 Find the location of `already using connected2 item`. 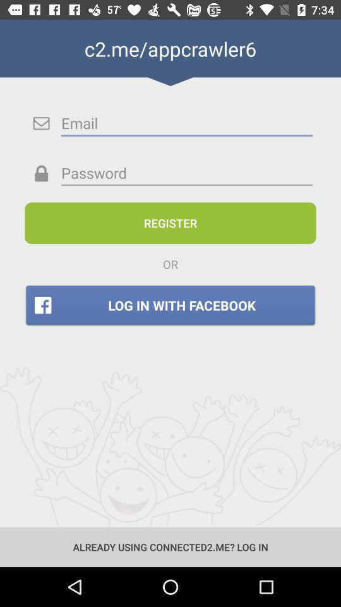

already using connected2 item is located at coordinates (170, 546).